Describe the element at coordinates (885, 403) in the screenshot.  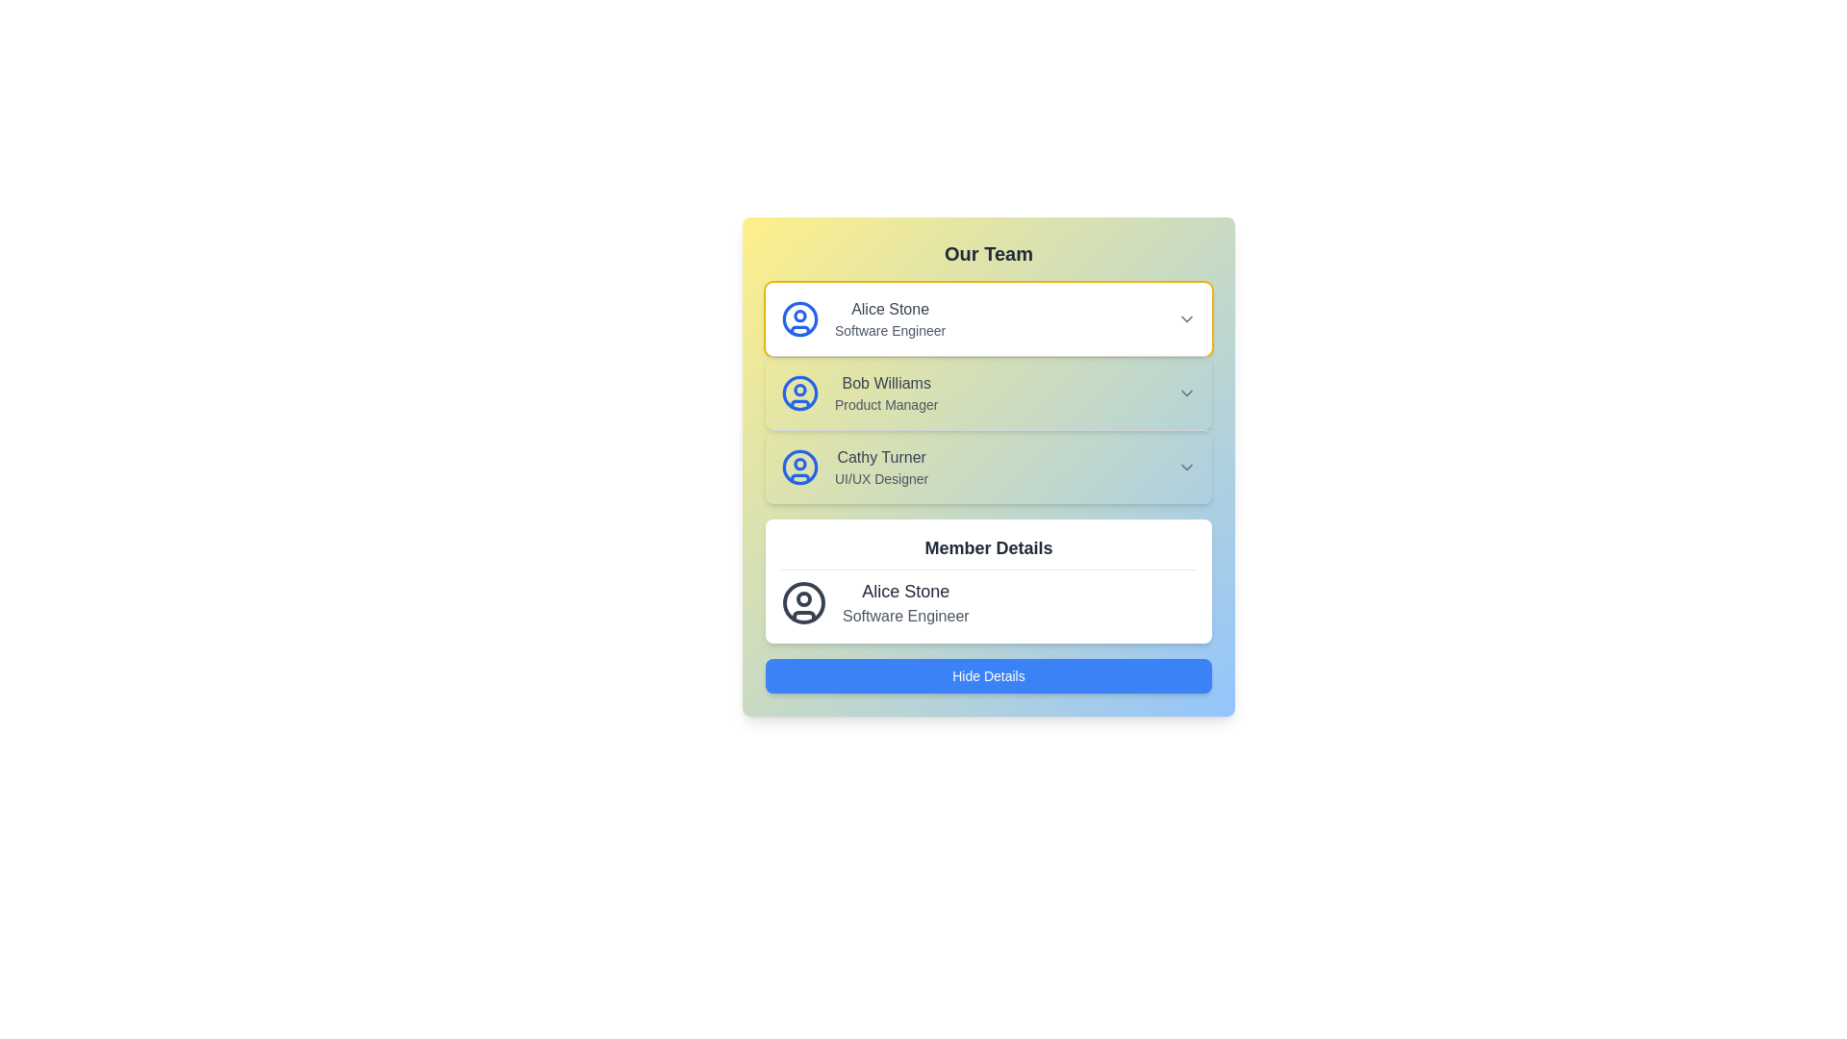
I see `the text label displaying 'Product Manager' below 'Bob Williams' to possibly trigger a tooltip` at that location.